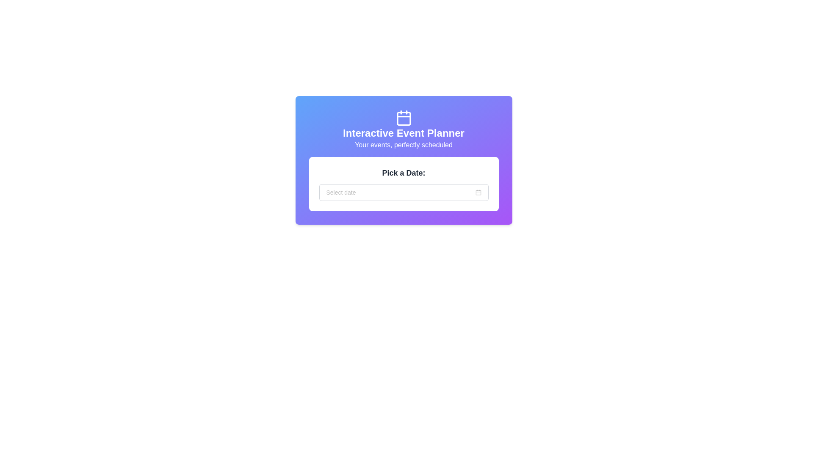 This screenshot has width=813, height=457. I want to click on the text label displaying 'Your events, perfectly scheduled', which is styled in white text on a gradient blue-purple background and located below the 'Interactive Event Planner' text, so click(403, 145).